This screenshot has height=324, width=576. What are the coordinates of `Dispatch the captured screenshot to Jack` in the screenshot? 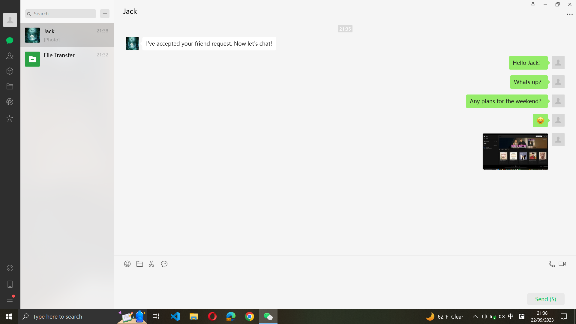 It's located at (153, 262).